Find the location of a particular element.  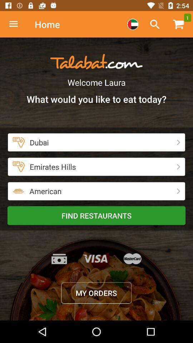

search your query is located at coordinates (154, 24).